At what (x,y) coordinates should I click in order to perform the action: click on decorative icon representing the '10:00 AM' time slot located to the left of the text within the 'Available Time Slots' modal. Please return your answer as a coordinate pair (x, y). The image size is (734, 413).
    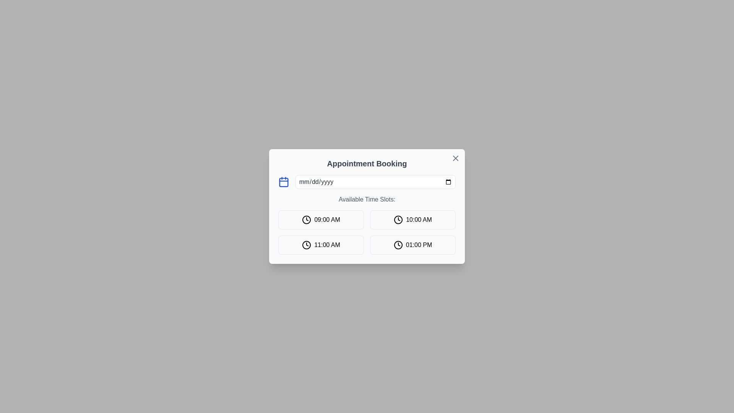
    Looking at the image, I should click on (398, 220).